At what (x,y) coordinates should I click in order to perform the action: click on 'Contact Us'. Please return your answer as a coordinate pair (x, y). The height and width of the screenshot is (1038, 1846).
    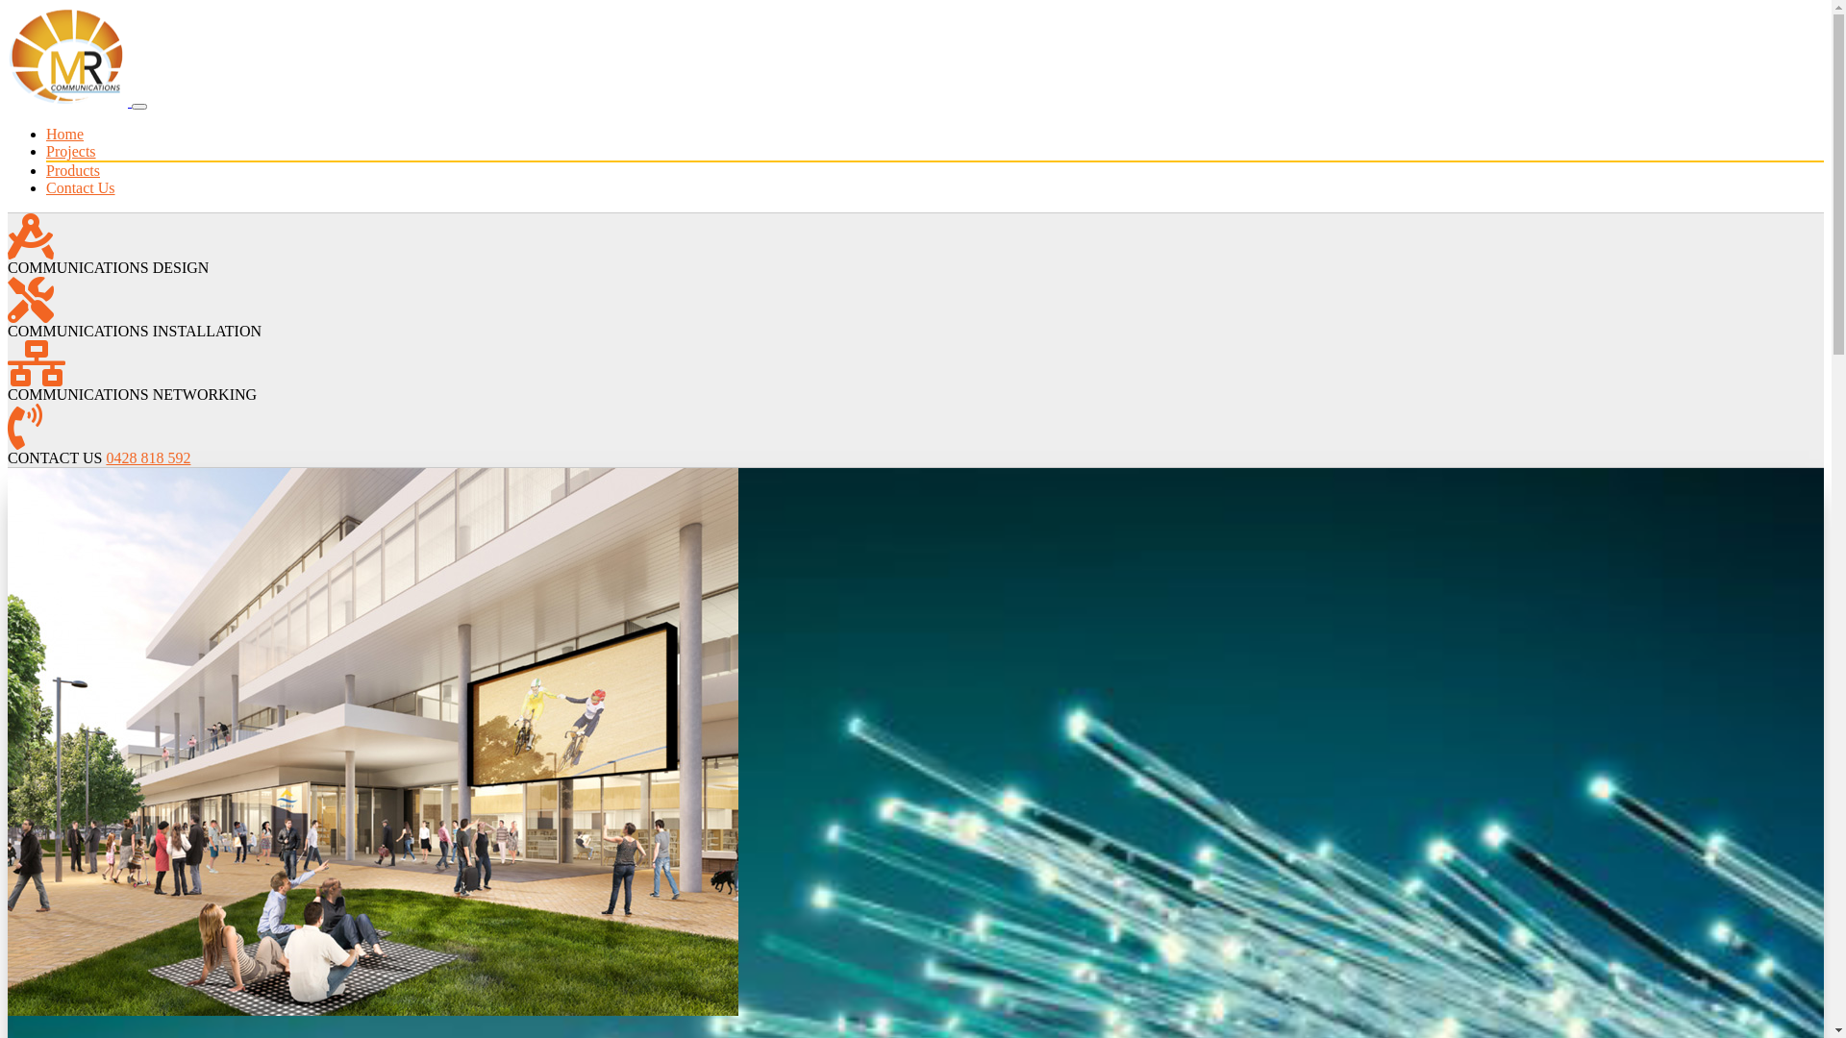
    Looking at the image, I should click on (79, 187).